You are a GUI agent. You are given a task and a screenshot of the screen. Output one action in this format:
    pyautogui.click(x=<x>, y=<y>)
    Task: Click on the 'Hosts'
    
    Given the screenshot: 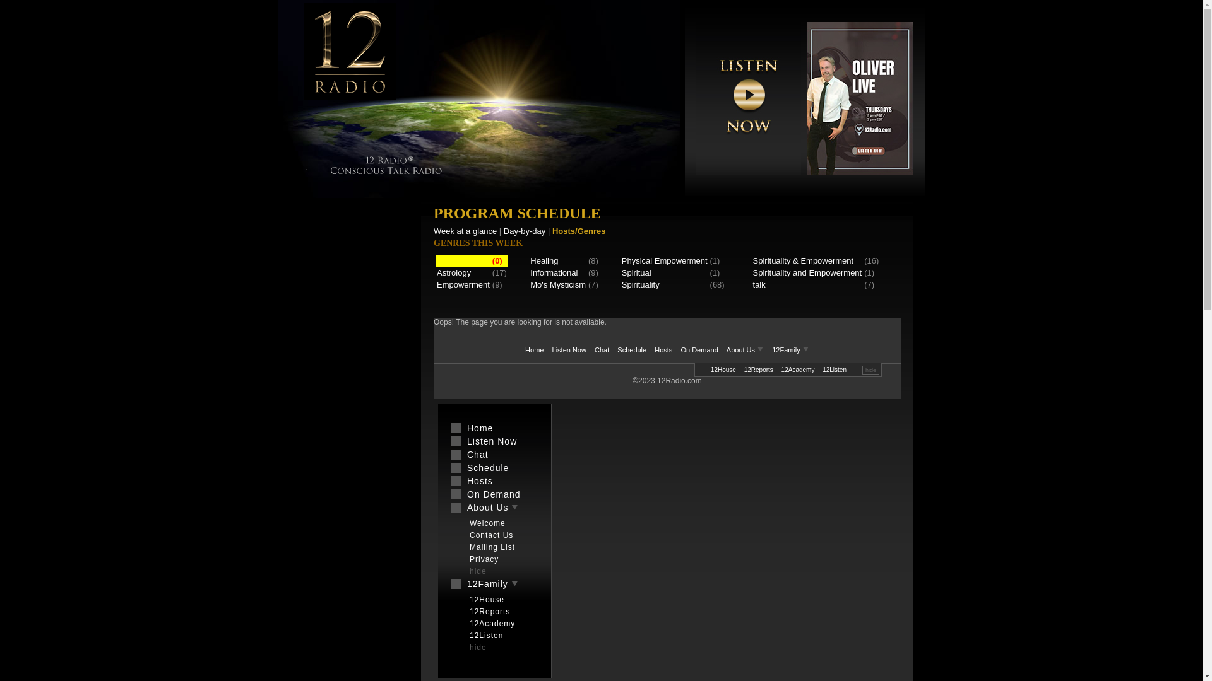 What is the action you would take?
    pyautogui.click(x=494, y=481)
    